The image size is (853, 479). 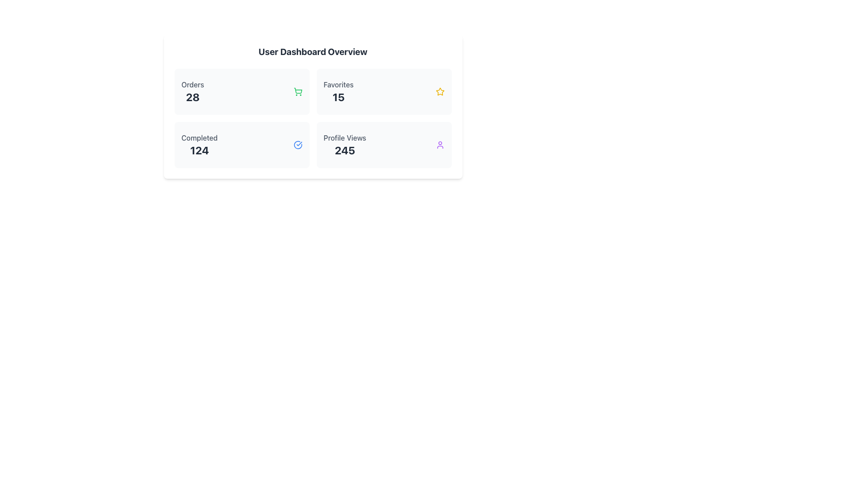 What do you see at coordinates (298, 145) in the screenshot?
I see `the status icon located at the bottom-right corner of the 'Completed 124' card, adjacent to the numeric value '124'` at bounding box center [298, 145].